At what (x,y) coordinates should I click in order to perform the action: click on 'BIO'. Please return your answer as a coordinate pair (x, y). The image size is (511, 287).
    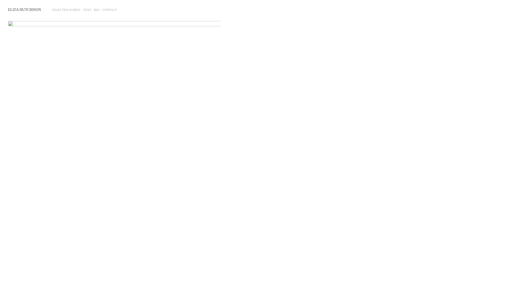
    Looking at the image, I should click on (94, 10).